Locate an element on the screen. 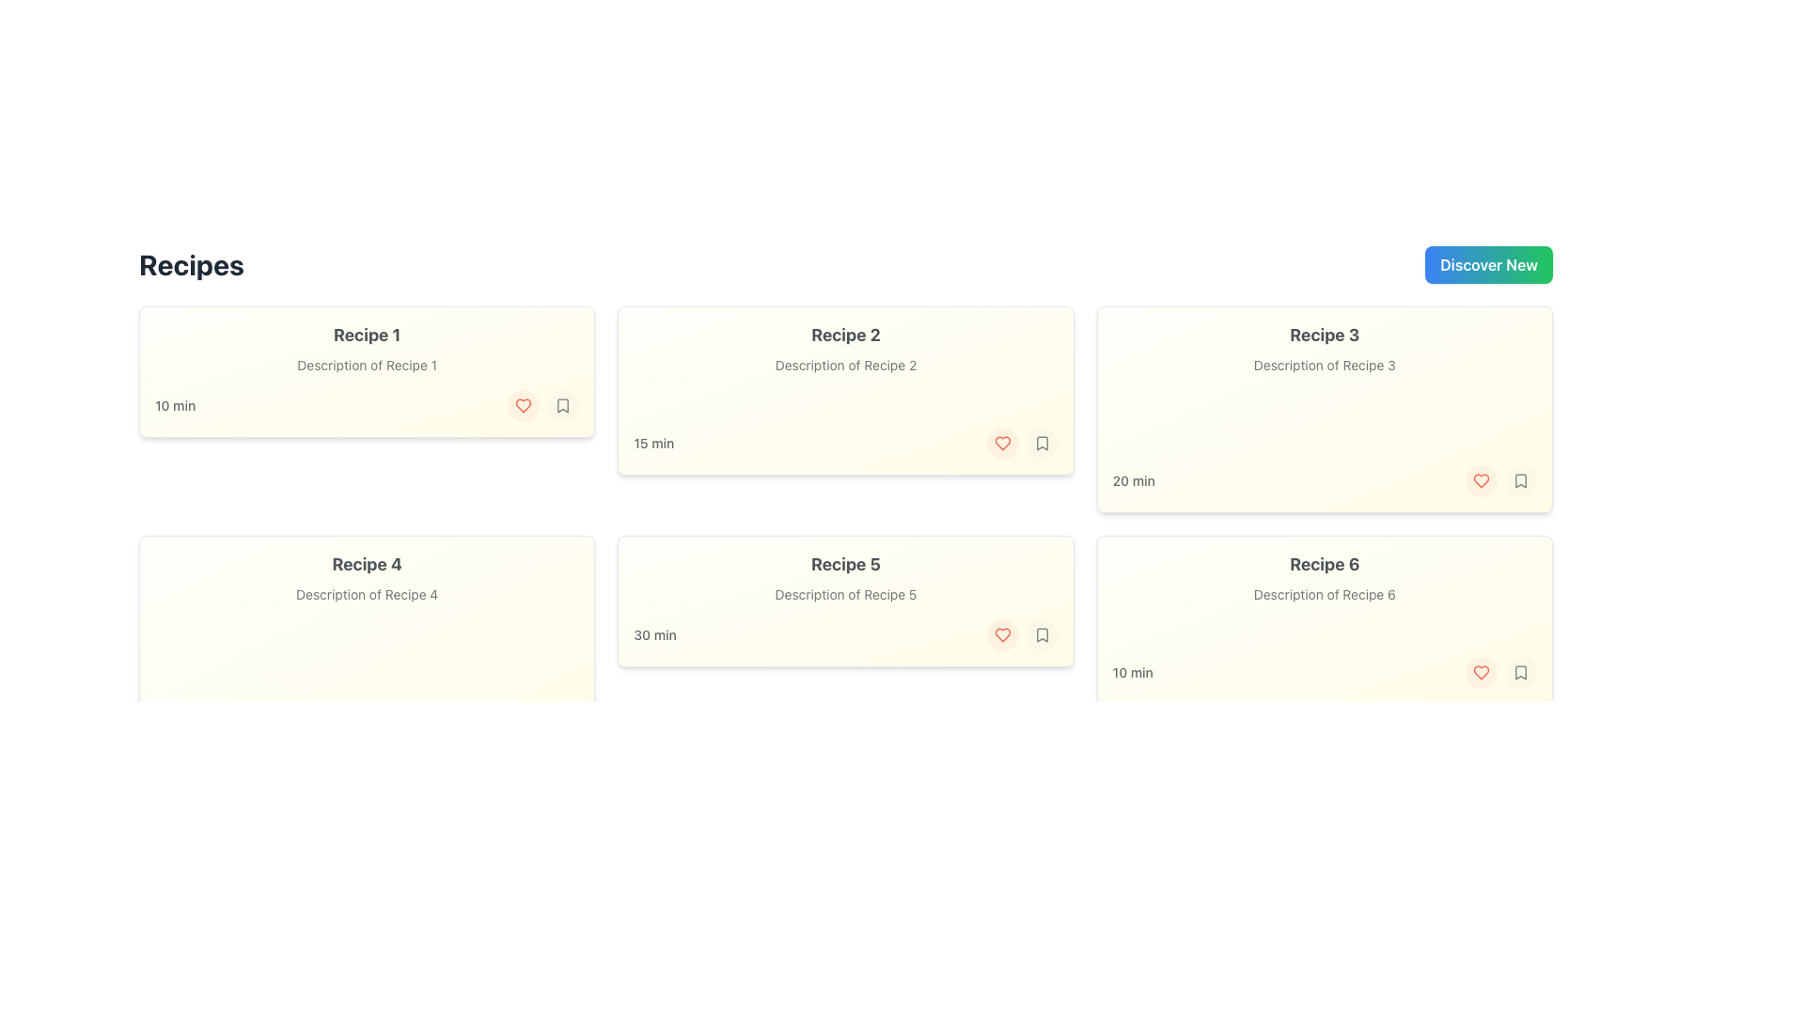  the bookmark icon located at the bottom-right corner of the first recipe card labeled 'Recipe 1' is located at coordinates (562, 405).